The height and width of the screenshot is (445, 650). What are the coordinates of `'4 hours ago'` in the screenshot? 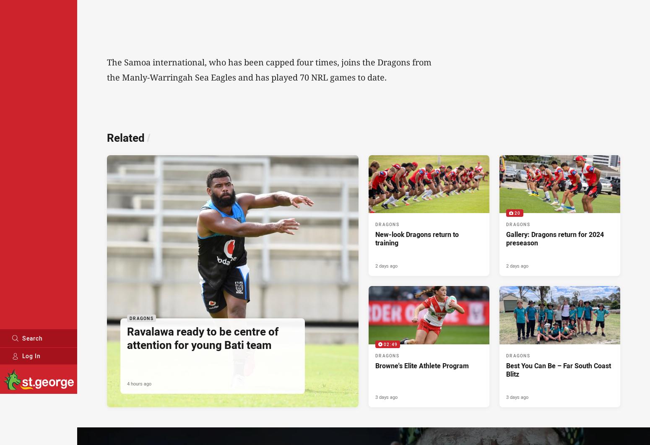 It's located at (127, 383).